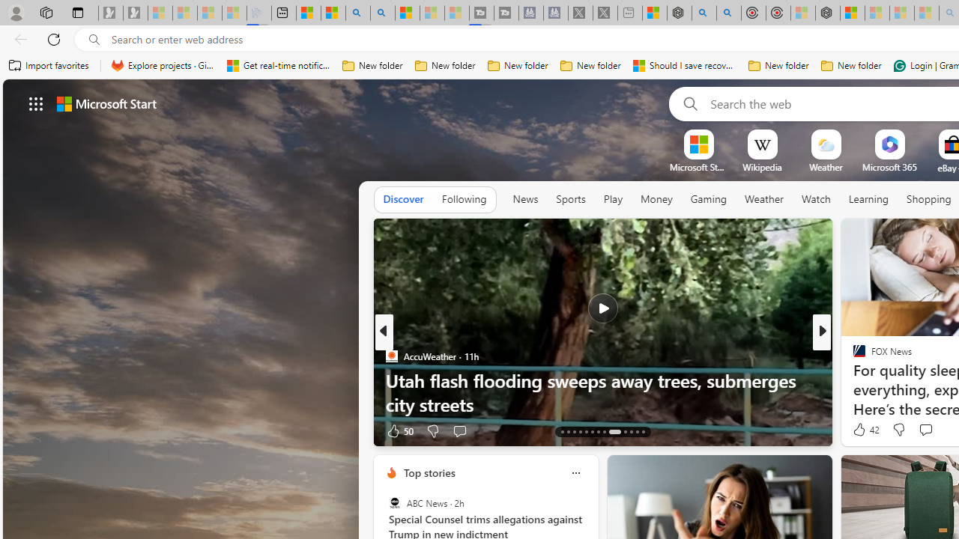 The image size is (959, 539). What do you see at coordinates (36, 103) in the screenshot?
I see `'AutomationID: waffle'` at bounding box center [36, 103].